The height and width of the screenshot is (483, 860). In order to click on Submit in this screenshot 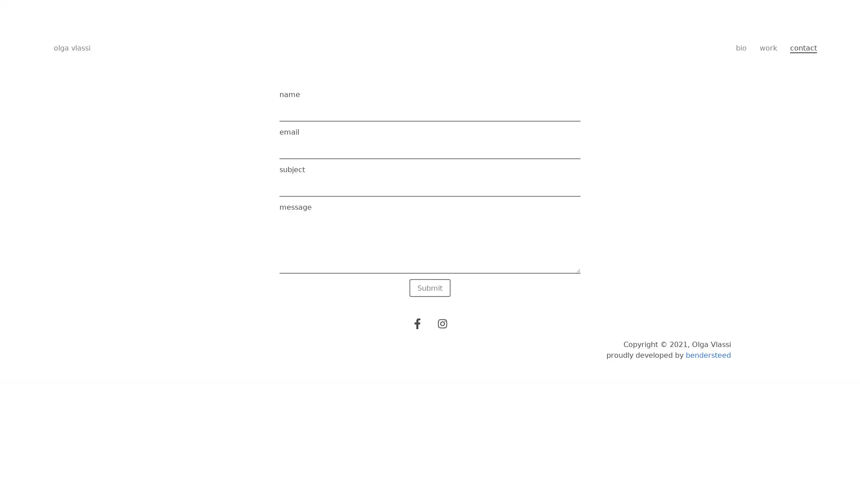, I will do `click(430, 288)`.